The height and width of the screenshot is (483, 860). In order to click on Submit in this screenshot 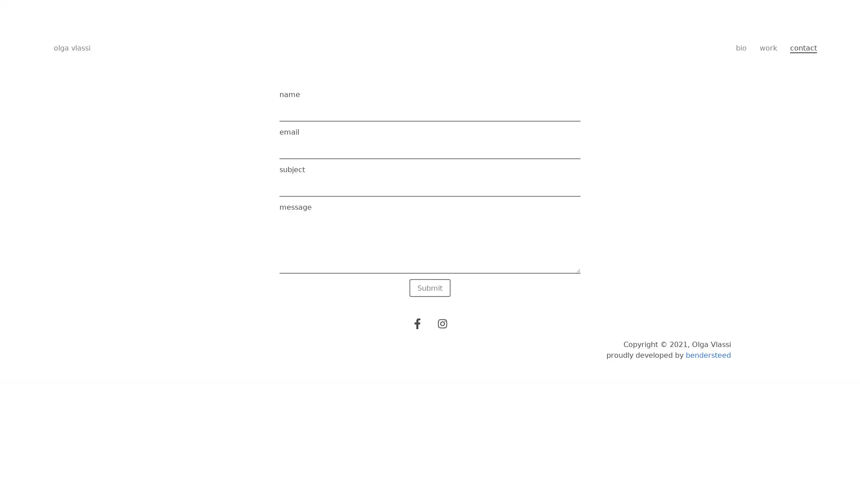, I will do `click(430, 288)`.